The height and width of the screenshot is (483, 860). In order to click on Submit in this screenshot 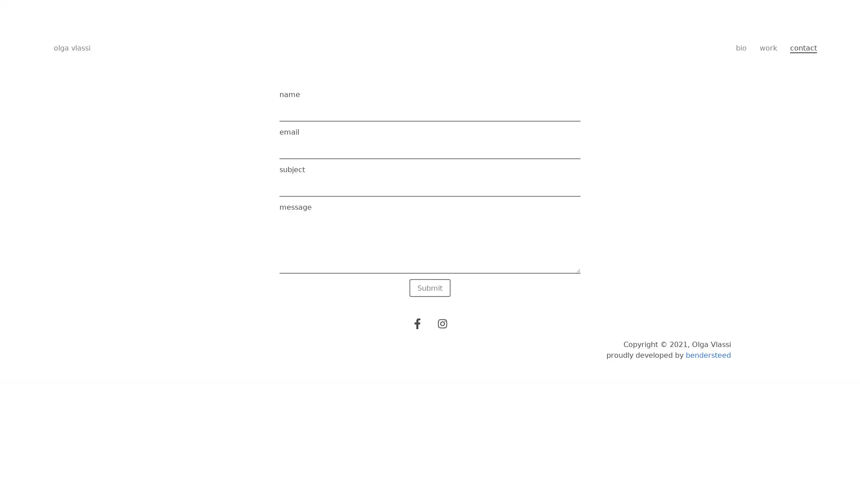, I will do `click(430, 288)`.